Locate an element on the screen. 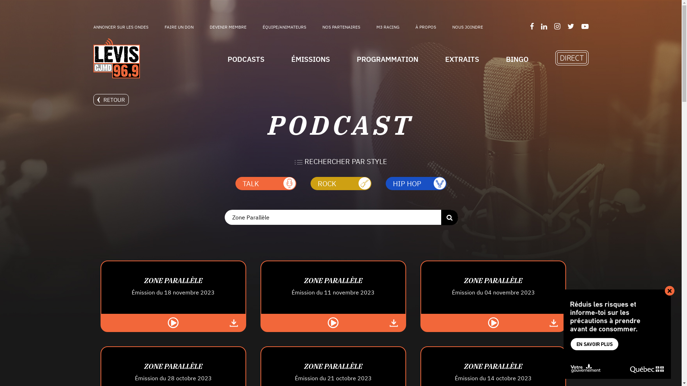  'Suivez-nous sur Facebook' is located at coordinates (531, 26).